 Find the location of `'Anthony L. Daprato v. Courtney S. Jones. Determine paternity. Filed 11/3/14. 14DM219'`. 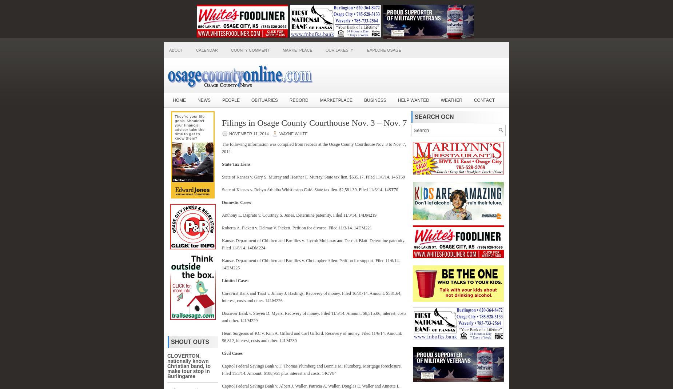

'Anthony L. Daprato v. Courtney S. Jones. Determine paternity. Filed 11/3/14. 14DM219' is located at coordinates (299, 214).